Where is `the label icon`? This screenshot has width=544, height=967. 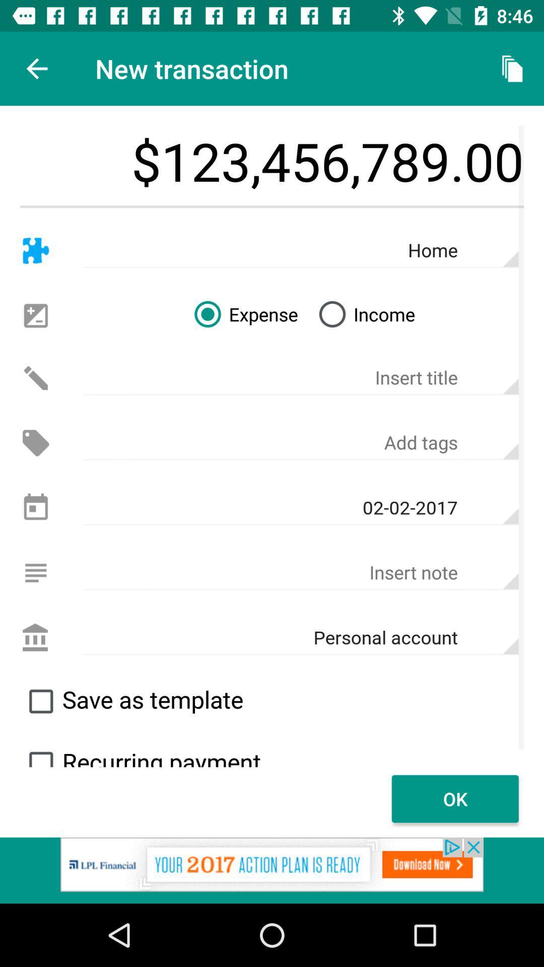 the label icon is located at coordinates (35, 443).